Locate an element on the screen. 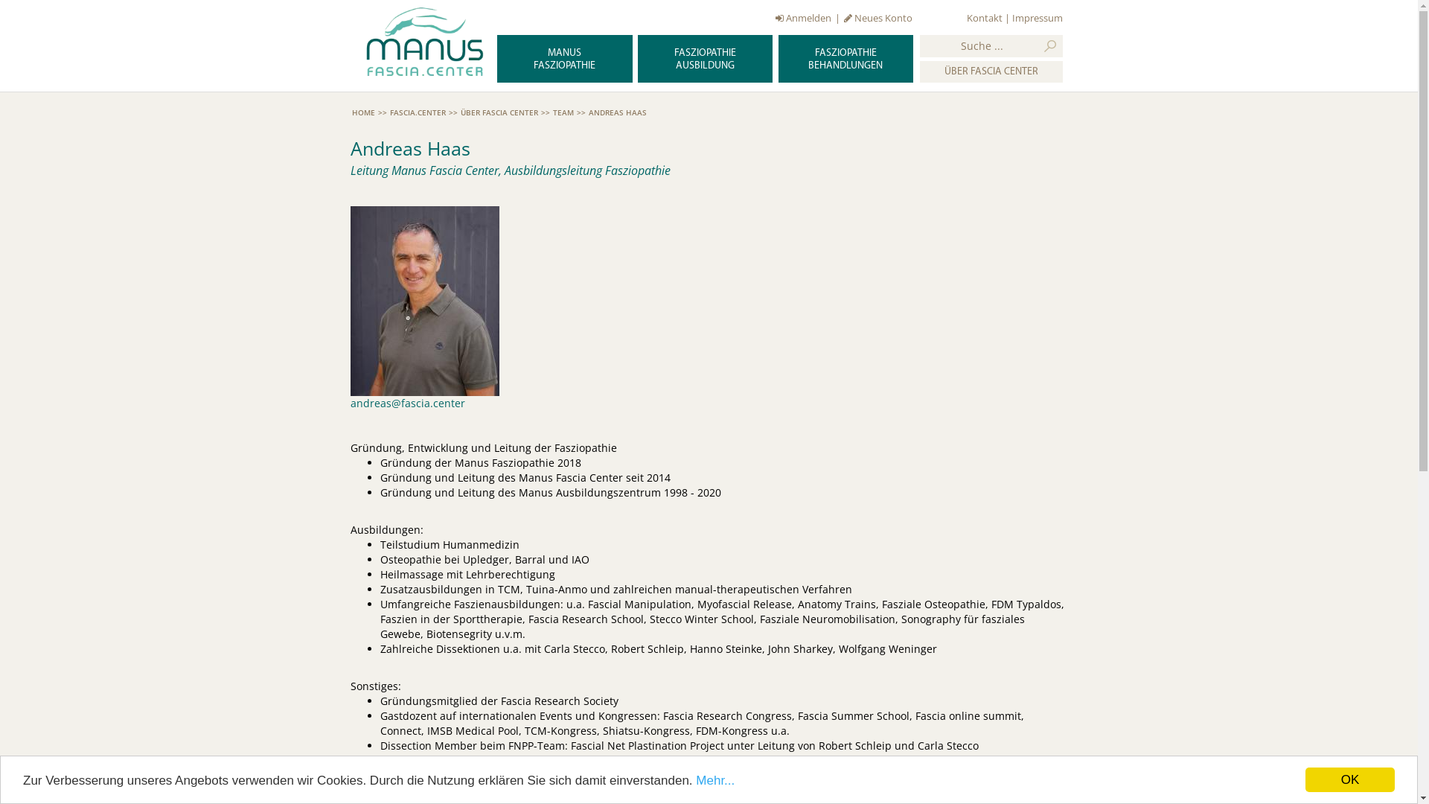  'Impressum' is located at coordinates (1036, 17).